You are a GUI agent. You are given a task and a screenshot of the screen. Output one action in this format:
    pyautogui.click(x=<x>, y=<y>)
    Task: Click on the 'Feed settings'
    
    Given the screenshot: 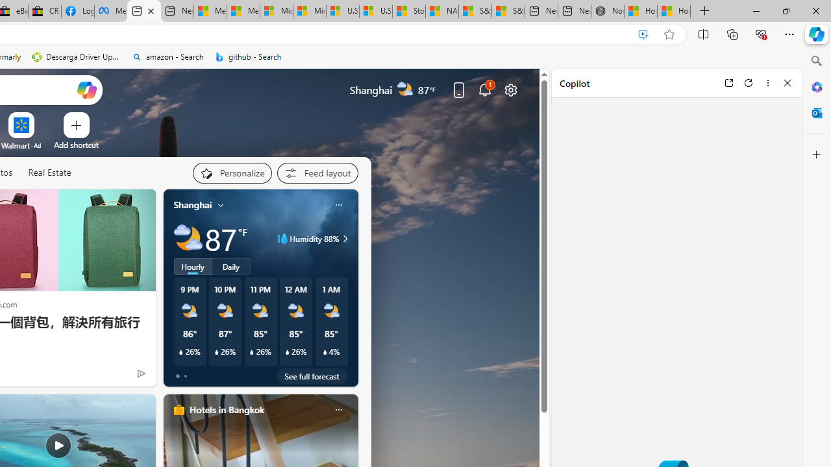 What is the action you would take?
    pyautogui.click(x=317, y=173)
    